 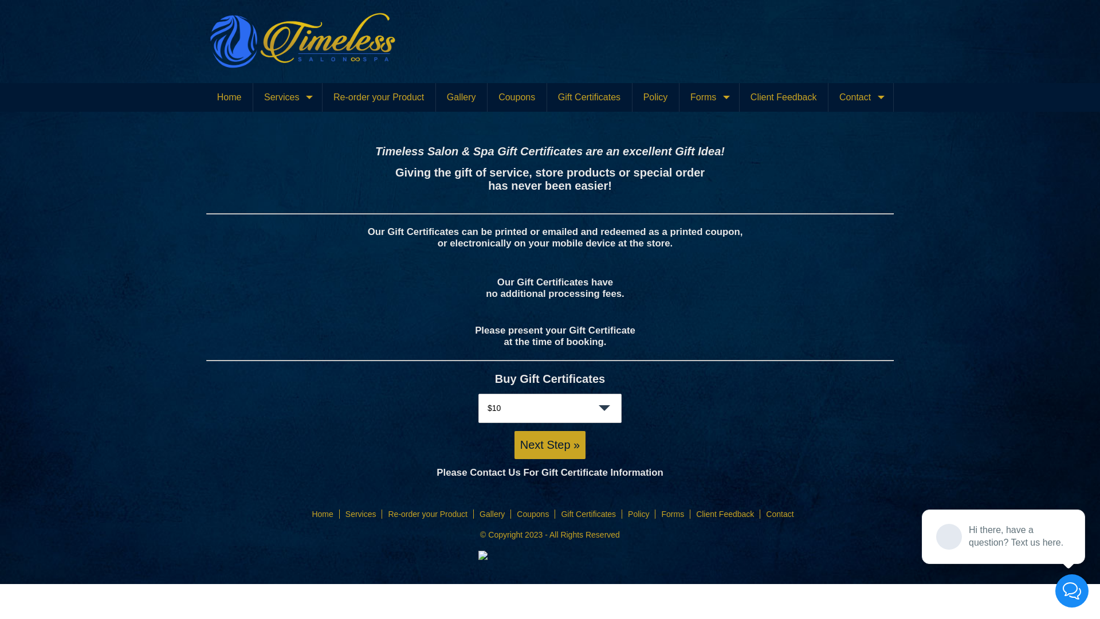 I want to click on 'Gallery', so click(x=461, y=96).